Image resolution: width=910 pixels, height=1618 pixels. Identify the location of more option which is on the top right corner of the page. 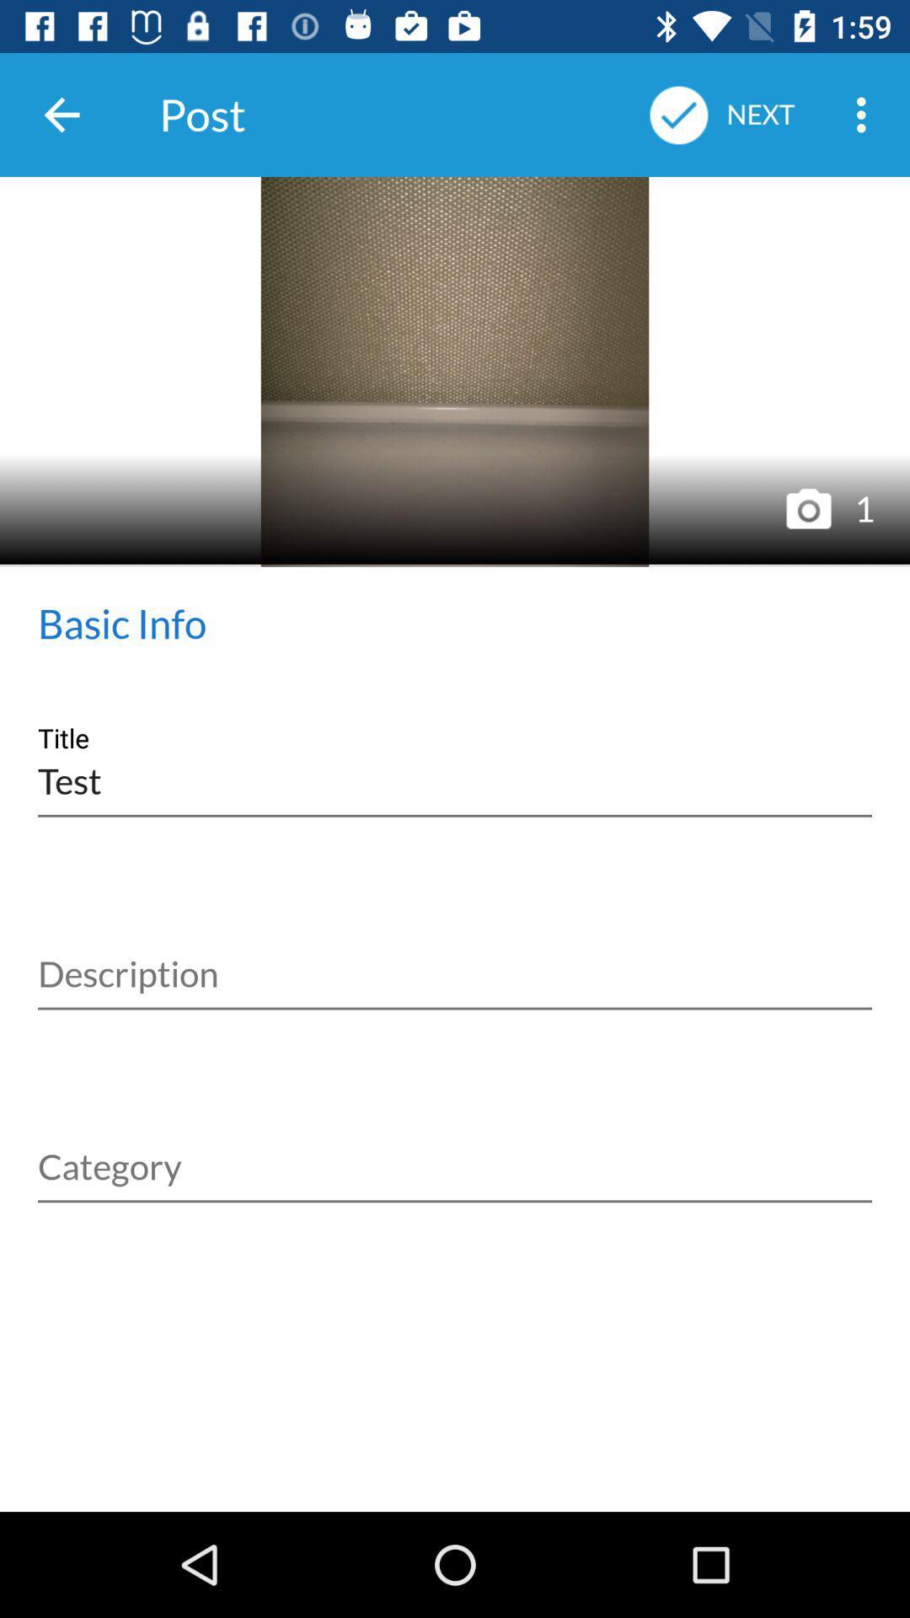
(865, 115).